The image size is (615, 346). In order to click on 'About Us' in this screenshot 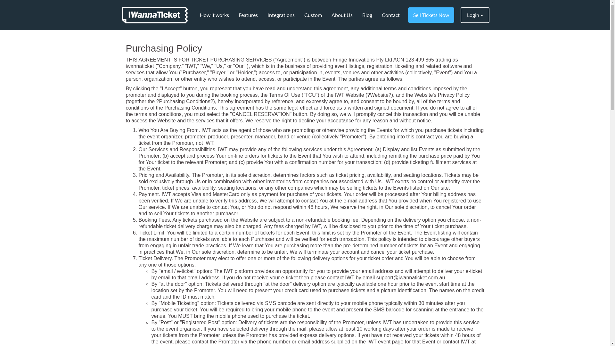, I will do `click(342, 14)`.